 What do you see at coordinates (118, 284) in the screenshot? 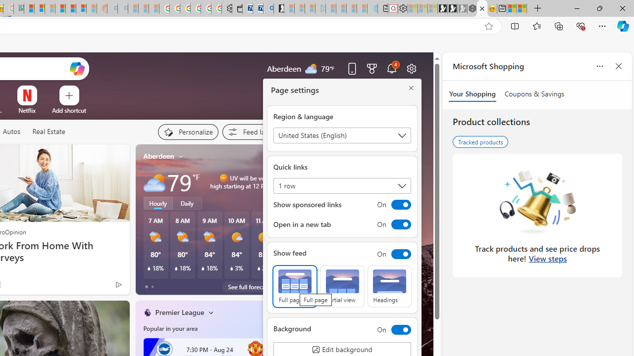
I see `'Ad Choice'` at bounding box center [118, 284].